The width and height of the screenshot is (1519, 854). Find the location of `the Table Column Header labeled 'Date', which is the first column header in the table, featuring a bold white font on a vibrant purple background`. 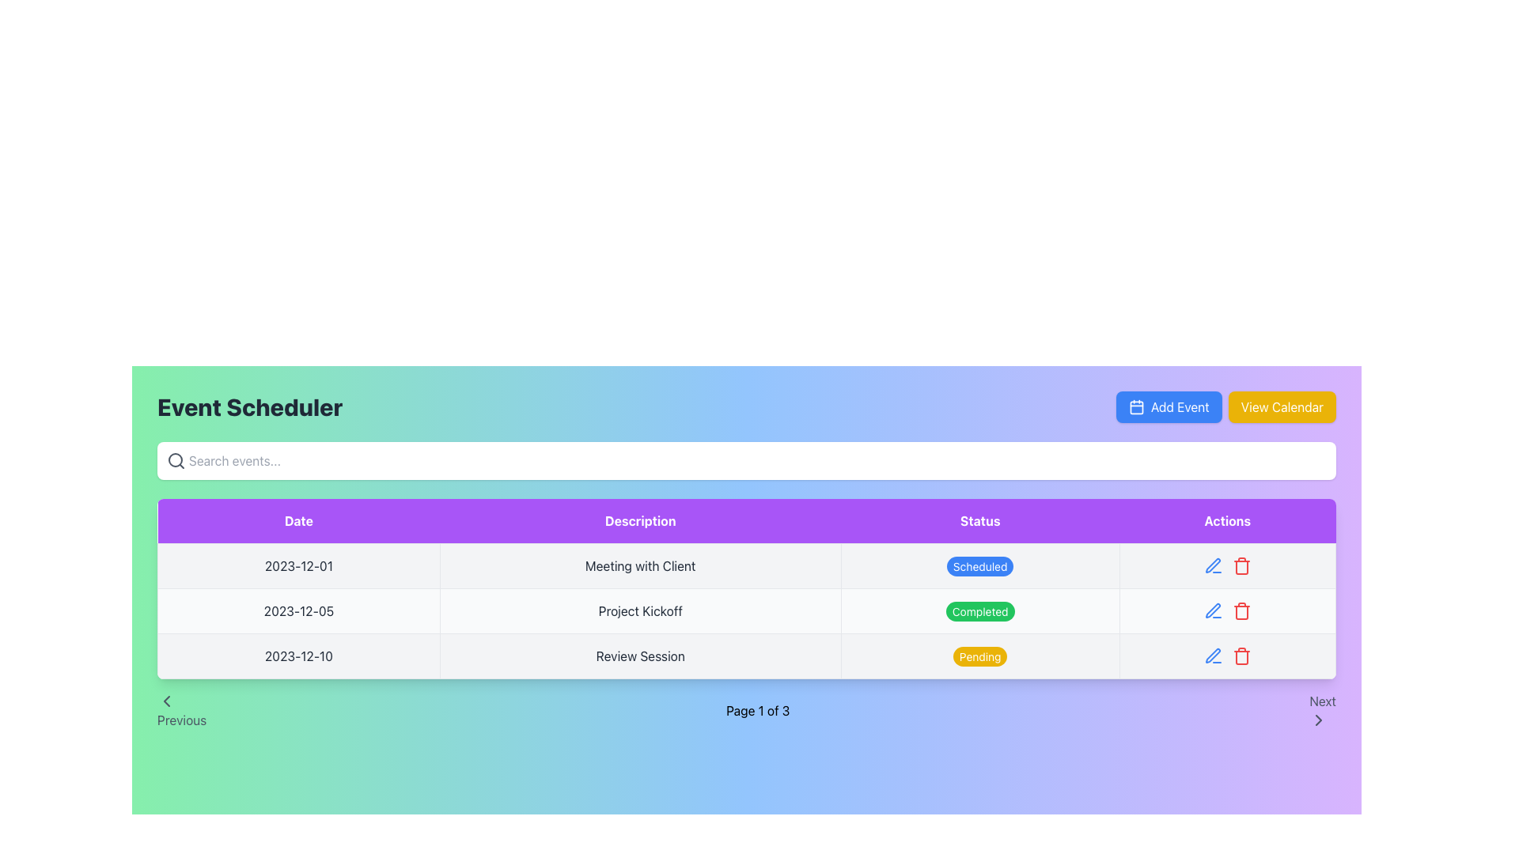

the Table Column Header labeled 'Date', which is the first column header in the table, featuring a bold white font on a vibrant purple background is located at coordinates (298, 521).